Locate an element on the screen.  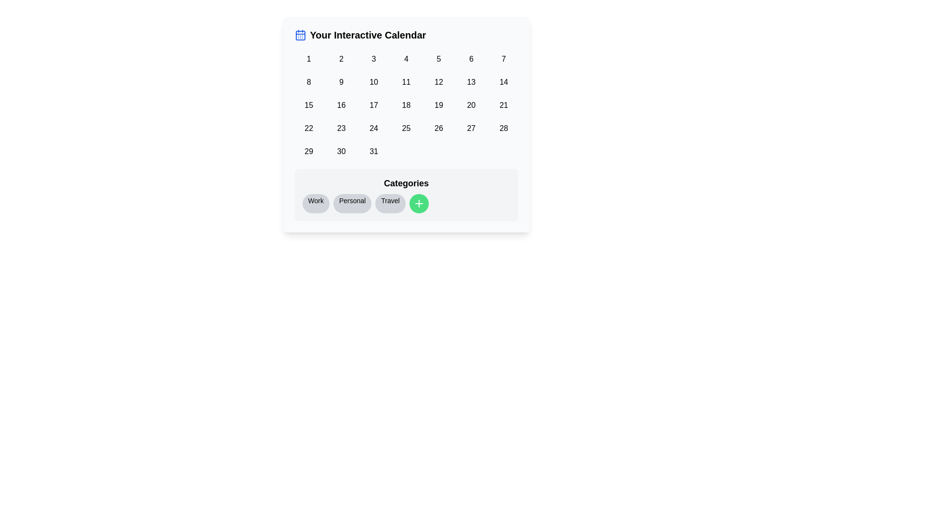
the text label that reads 'Your Interactive Calendar', styled with bold and large font, located at the top center of the calendar interface is located at coordinates (406, 35).